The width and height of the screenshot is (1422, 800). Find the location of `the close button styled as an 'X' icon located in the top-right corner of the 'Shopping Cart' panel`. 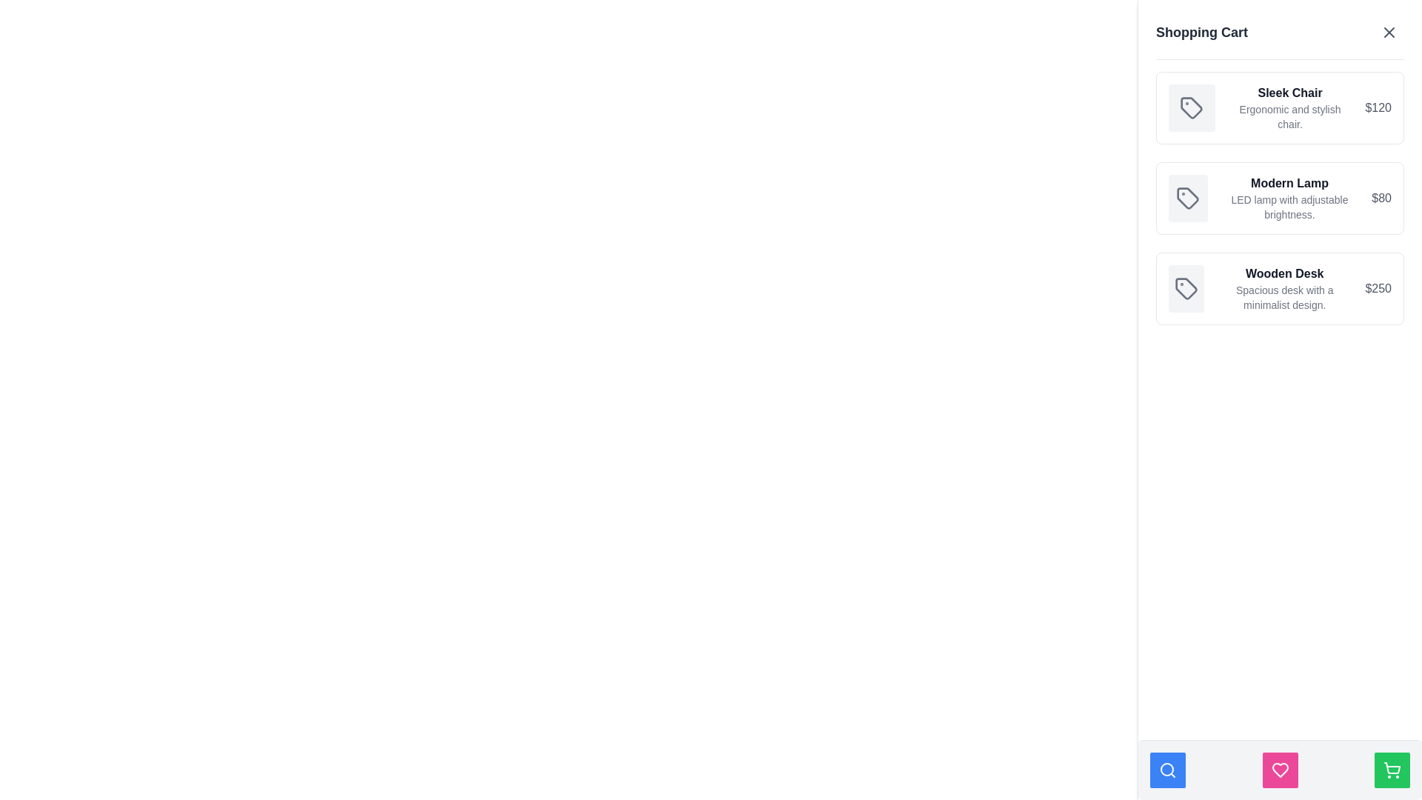

the close button styled as an 'X' icon located in the top-right corner of the 'Shopping Cart' panel is located at coordinates (1389, 32).